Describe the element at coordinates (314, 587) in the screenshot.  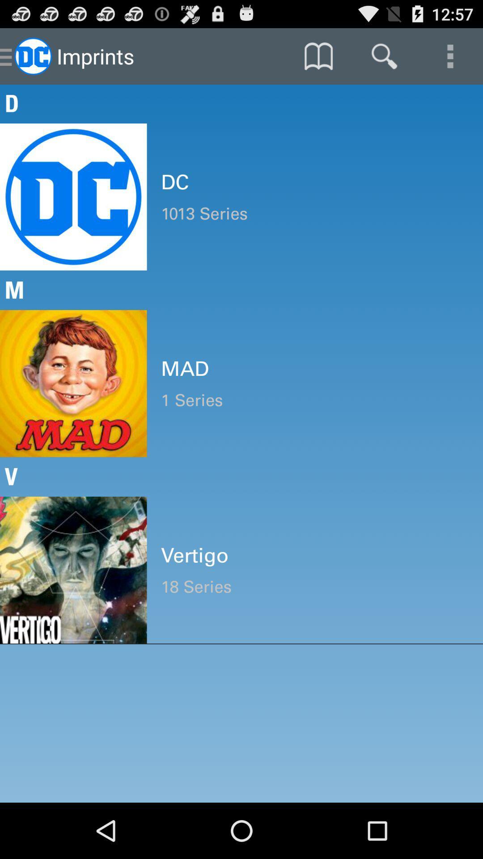
I see `icon at the bottom` at that location.